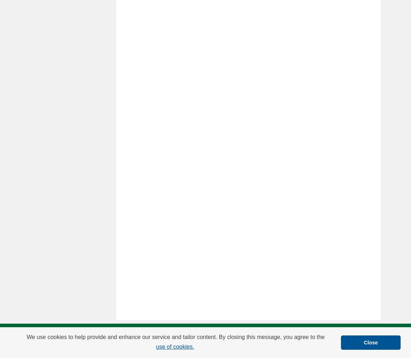 The width and height of the screenshot is (411, 358). Describe the element at coordinates (132, 336) in the screenshot. I see `'FAQ'` at that location.